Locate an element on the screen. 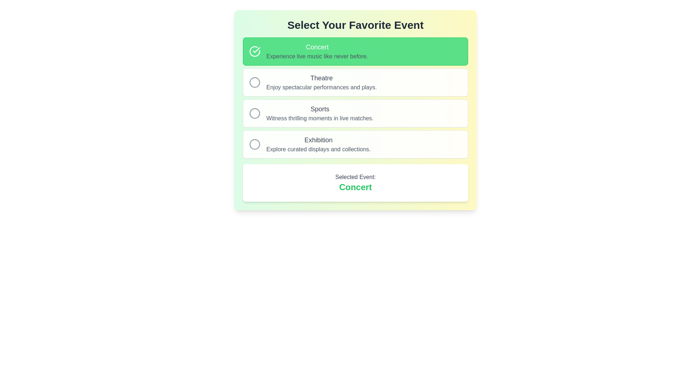  the 'Exhibition' radio button option with accompanying description text is located at coordinates (355, 144).